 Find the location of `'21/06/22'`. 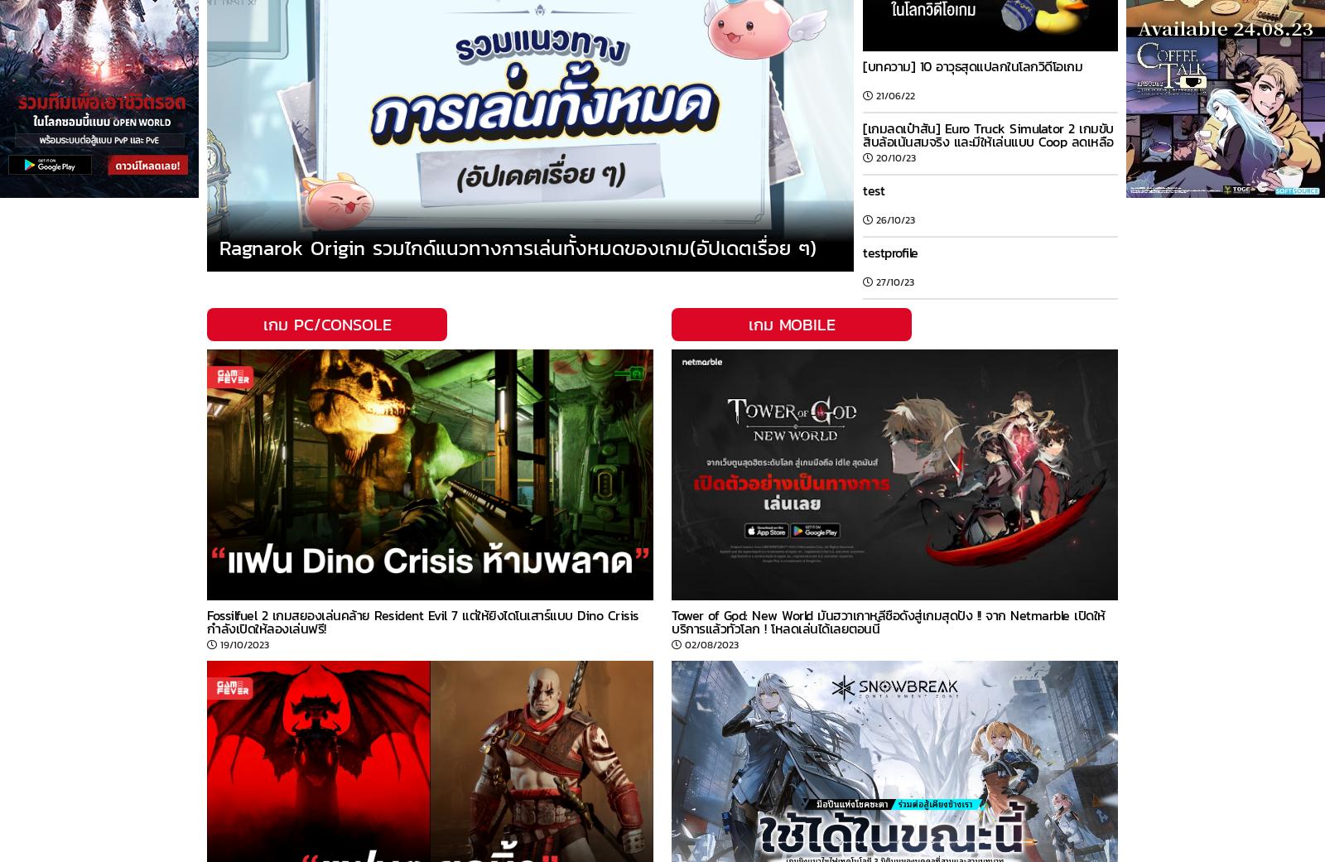

'21/06/22' is located at coordinates (895, 95).